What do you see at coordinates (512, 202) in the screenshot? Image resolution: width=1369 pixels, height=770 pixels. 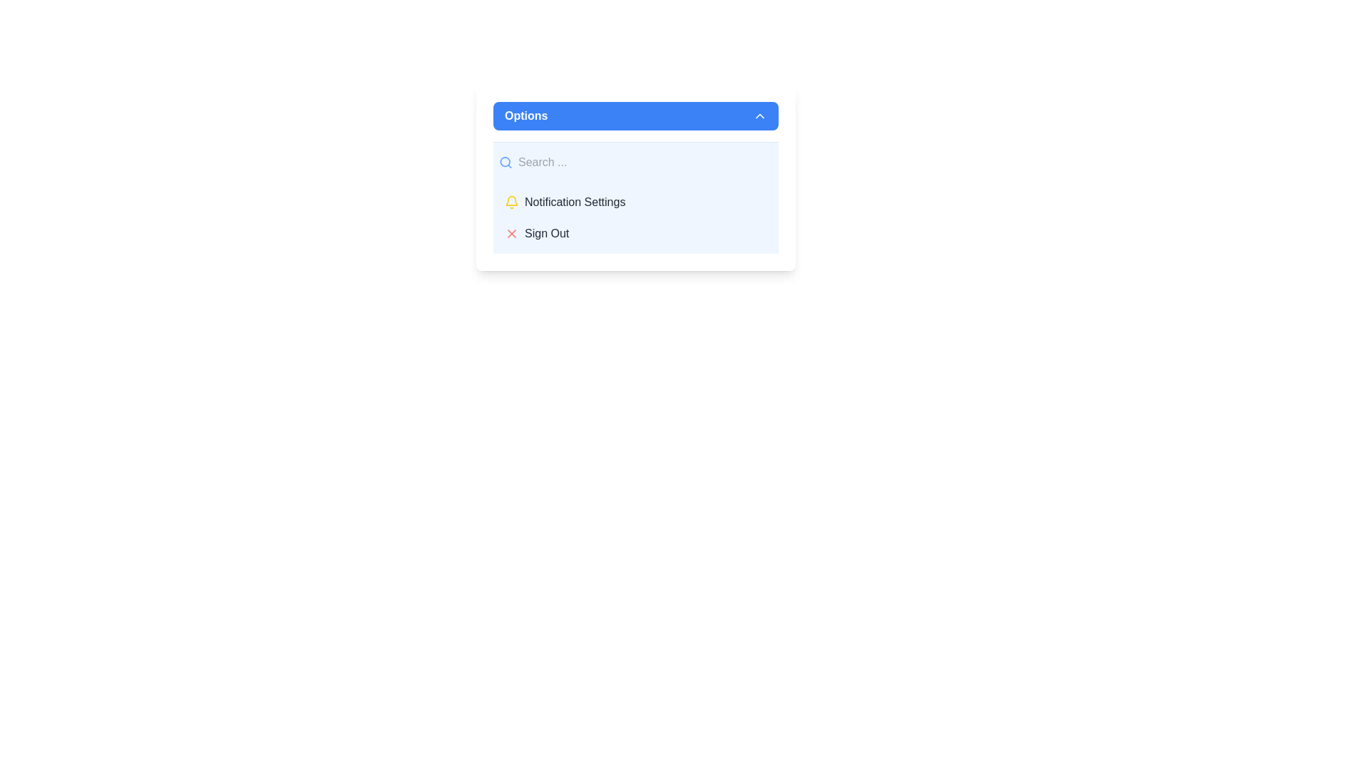 I see `the bell icon which signifies notifications or notification settings, located in the dropdown menu under 'Options' and immediately to the left of 'Notification Settings'` at bounding box center [512, 202].